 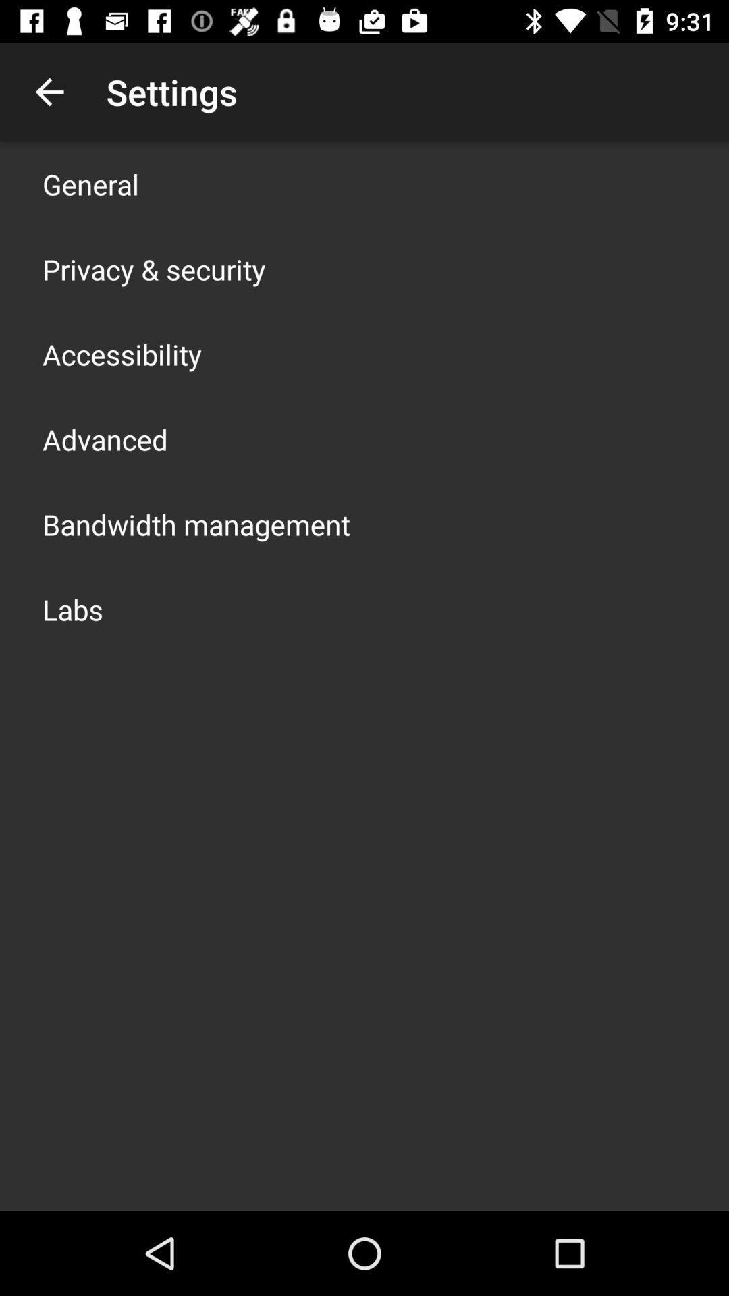 I want to click on app below privacy & security item, so click(x=122, y=354).